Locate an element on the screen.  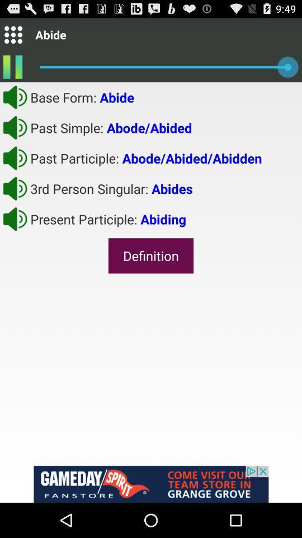
for audio option is located at coordinates (15, 96).